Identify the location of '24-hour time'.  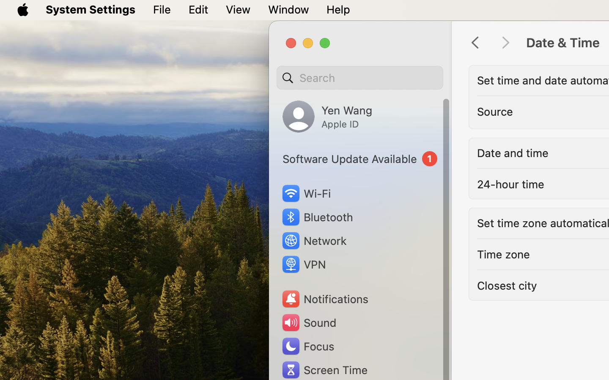
(510, 184).